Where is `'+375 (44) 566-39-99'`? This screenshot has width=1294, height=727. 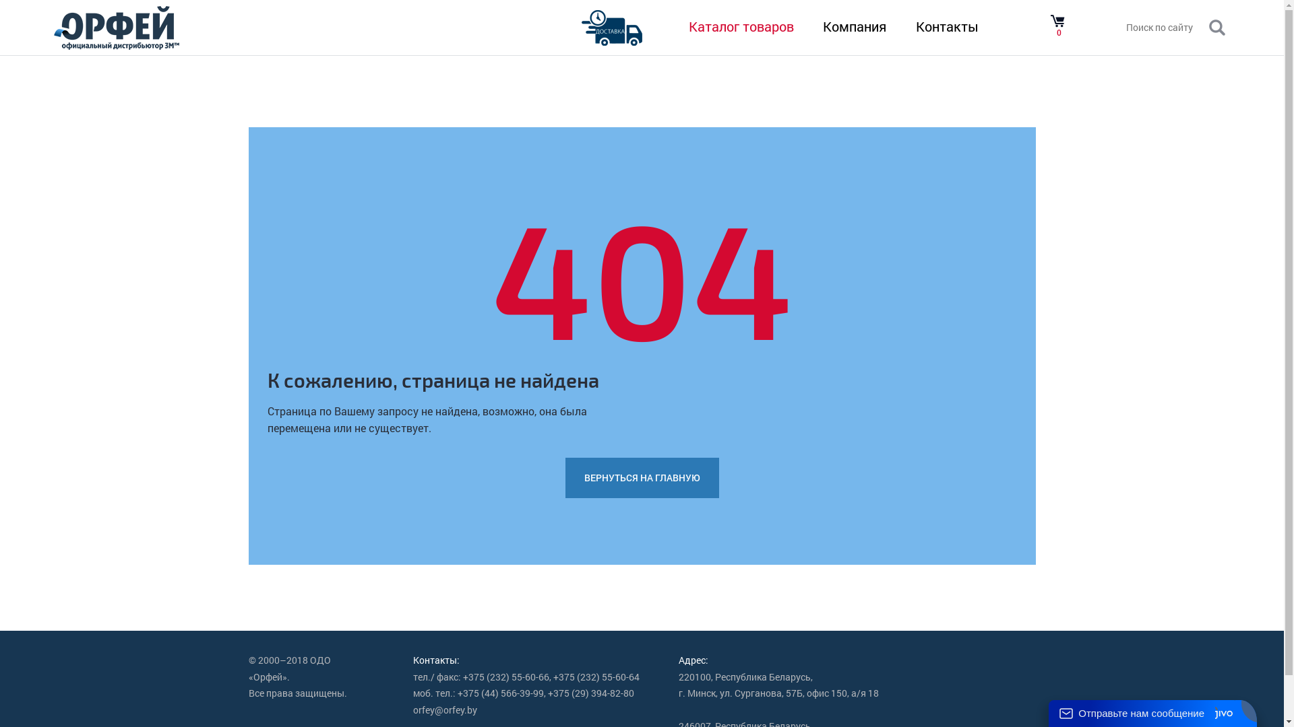 '+375 (44) 566-39-99' is located at coordinates (500, 693).